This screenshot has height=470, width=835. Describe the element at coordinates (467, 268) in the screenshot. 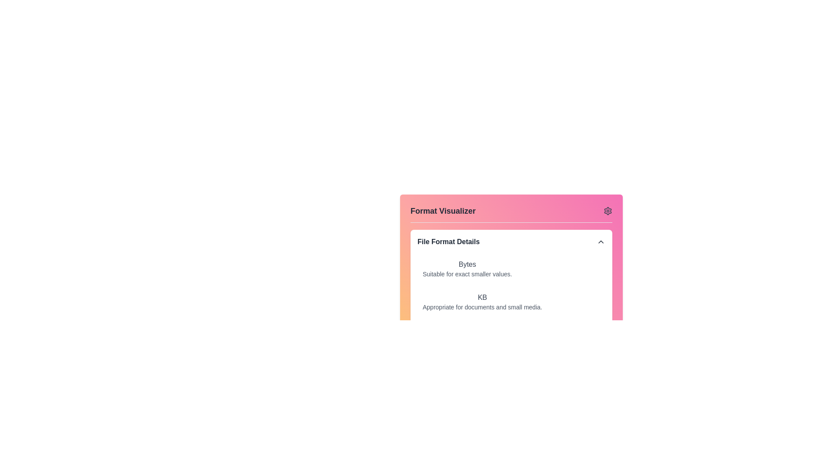

I see `information displayed in the text block titled 'Bytes' which describes its purpose as 'Suitable for exact smaller values.'` at that location.